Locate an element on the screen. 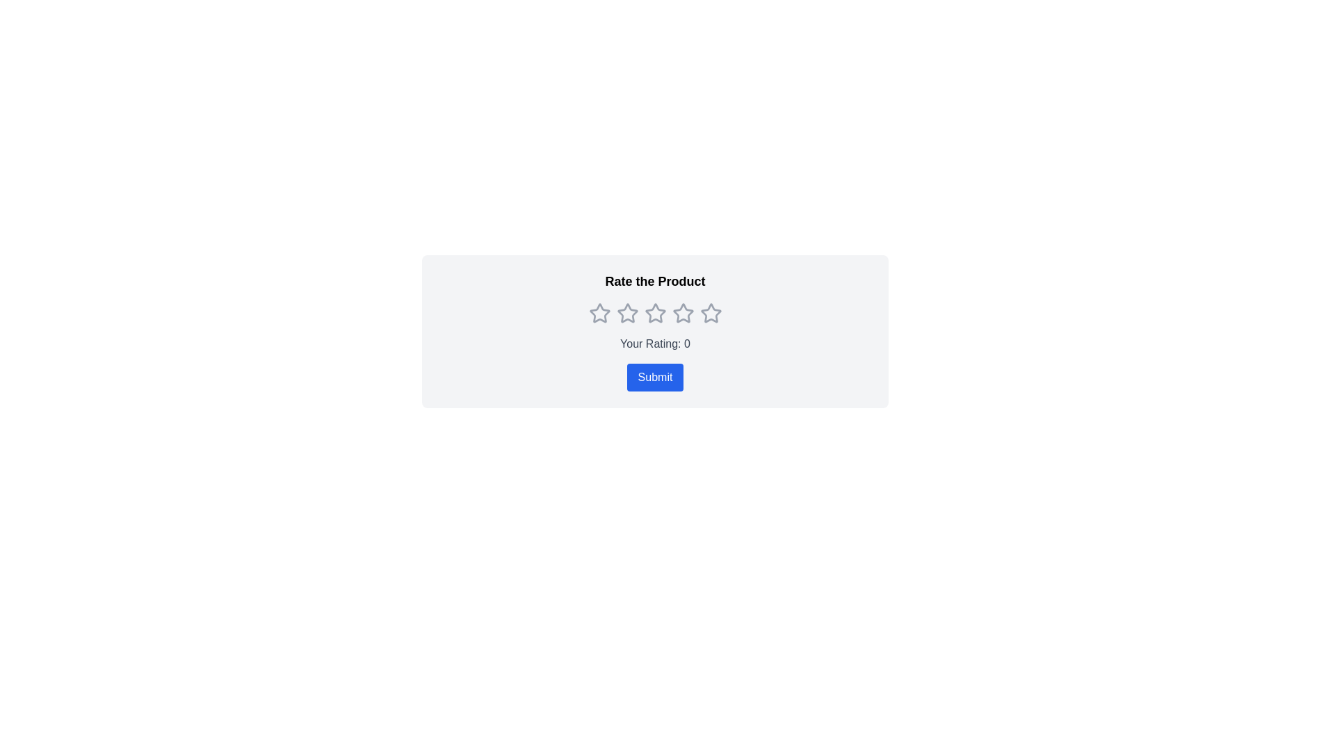 This screenshot has width=1335, height=751. the second star in the rating component, which is a hollow, five-pointed star with a thin border, to set a two-star rating is located at coordinates (626, 313).